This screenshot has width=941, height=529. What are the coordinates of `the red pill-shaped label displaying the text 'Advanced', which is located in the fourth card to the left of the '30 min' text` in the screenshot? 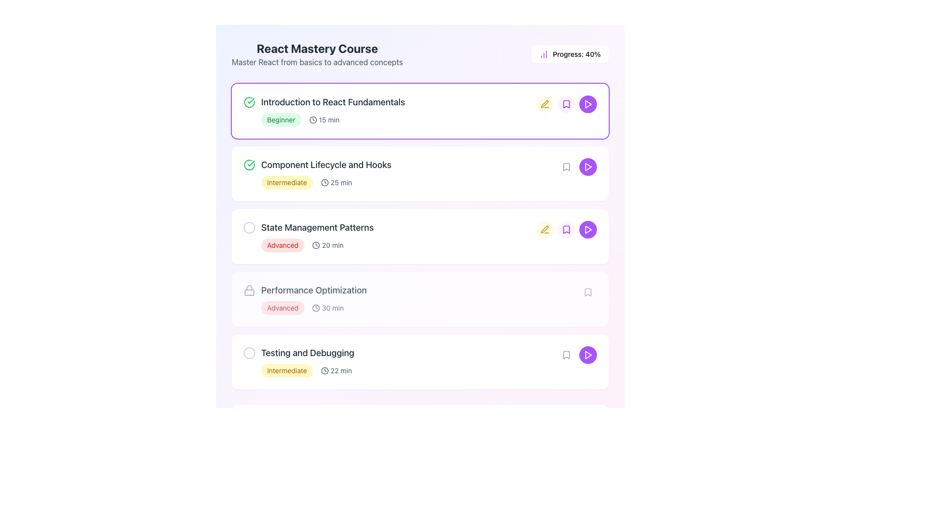 It's located at (282, 307).